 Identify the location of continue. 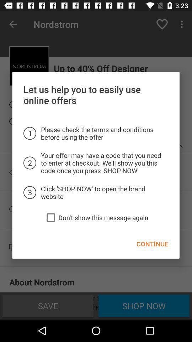
(152, 244).